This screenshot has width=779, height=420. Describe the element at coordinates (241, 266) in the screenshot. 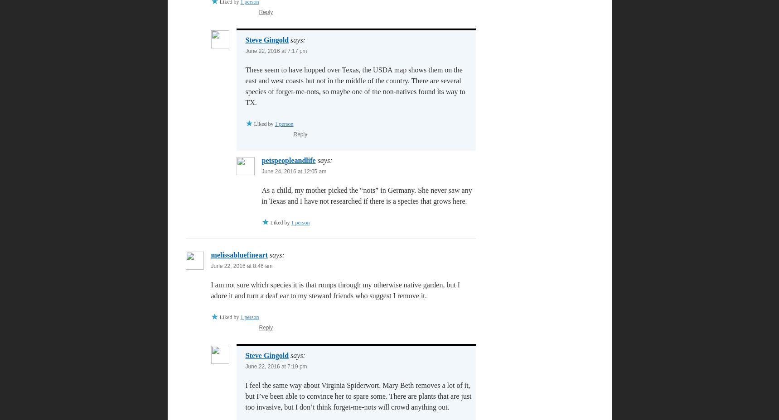

I see `'June 22, 2016 at 8:46 am'` at that location.